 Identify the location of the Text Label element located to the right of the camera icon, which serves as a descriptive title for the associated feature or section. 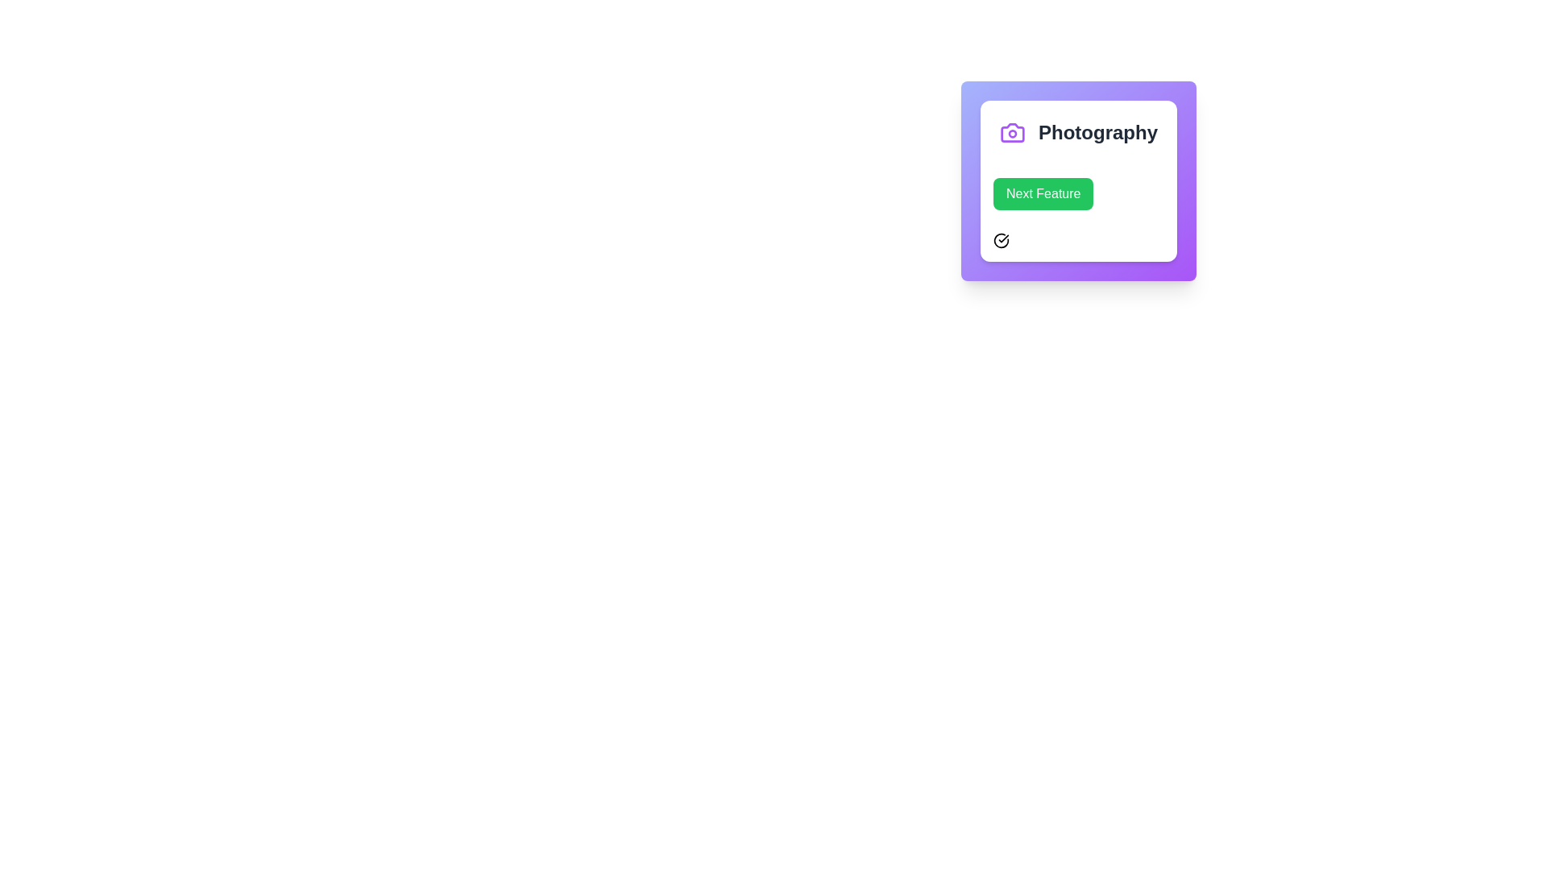
(1097, 132).